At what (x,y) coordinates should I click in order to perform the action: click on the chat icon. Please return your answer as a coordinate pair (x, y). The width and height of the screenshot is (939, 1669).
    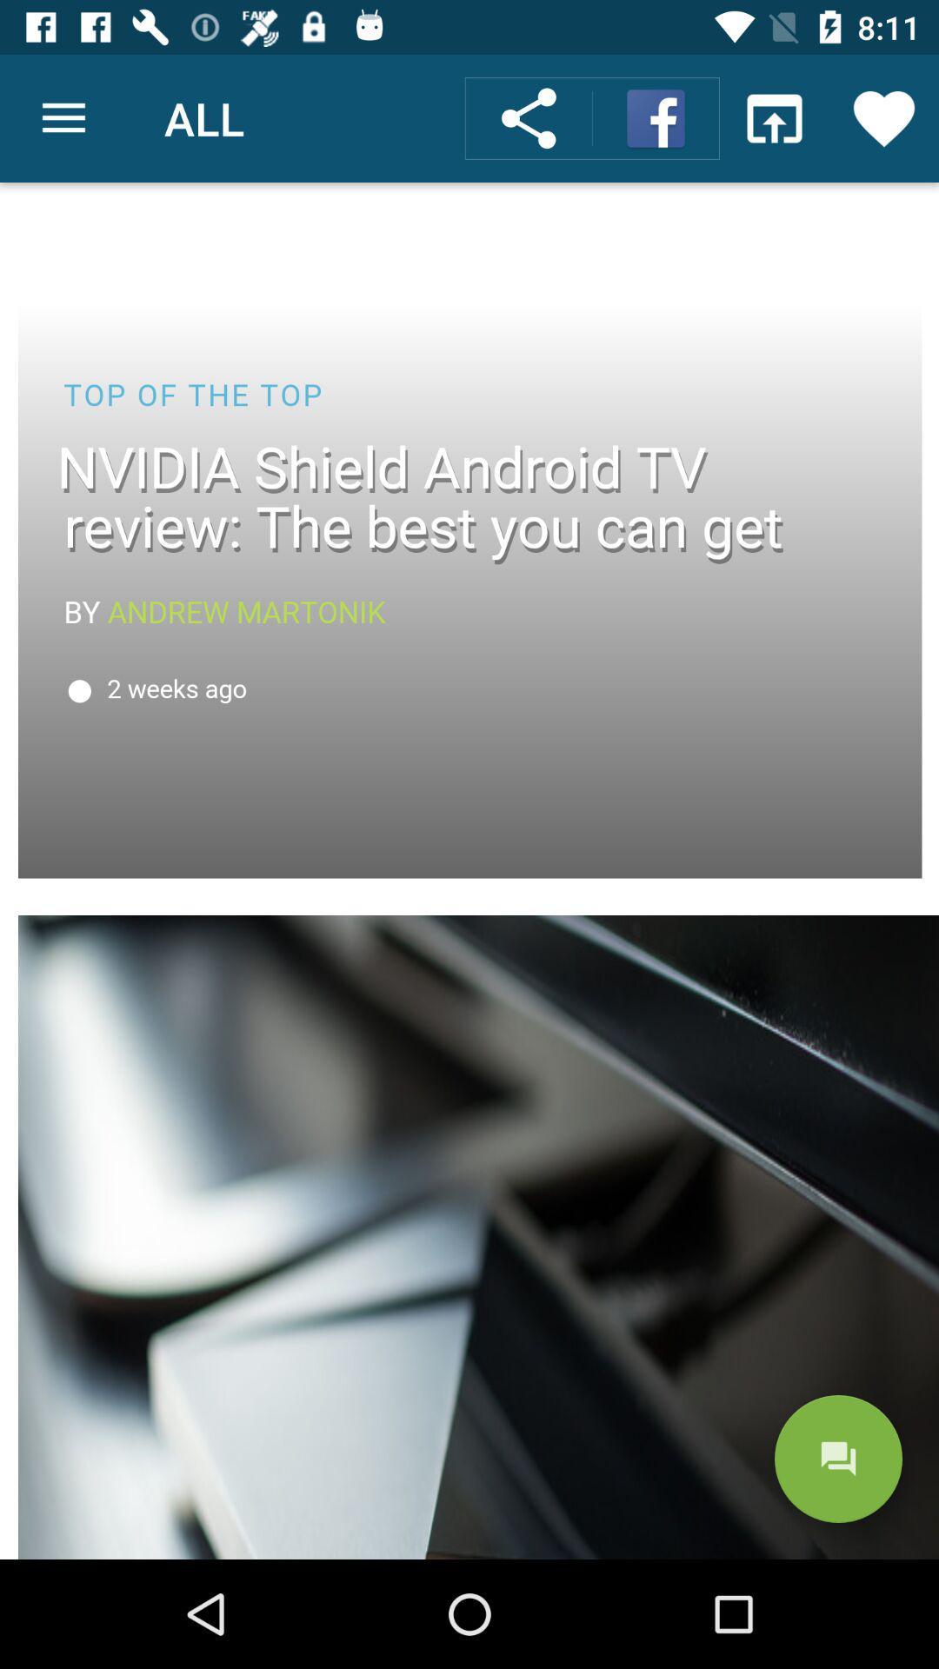
    Looking at the image, I should click on (837, 1459).